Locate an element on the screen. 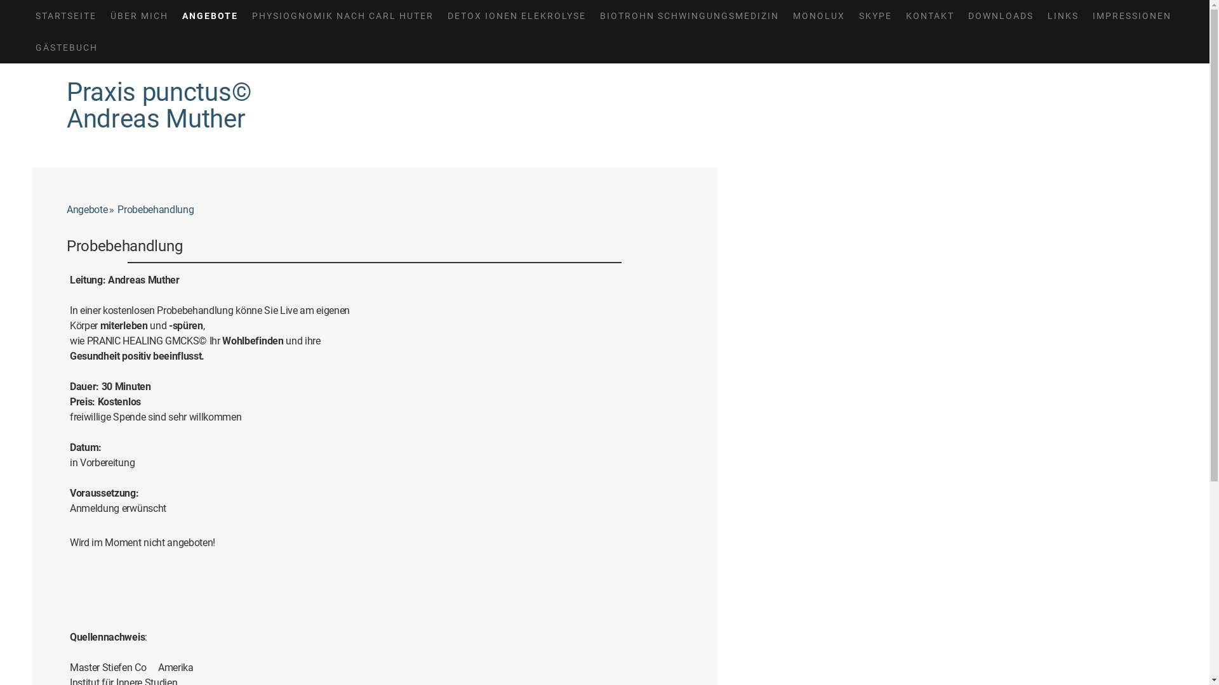 Image resolution: width=1219 pixels, height=685 pixels. 'ANGEBOTE' is located at coordinates (210, 15).